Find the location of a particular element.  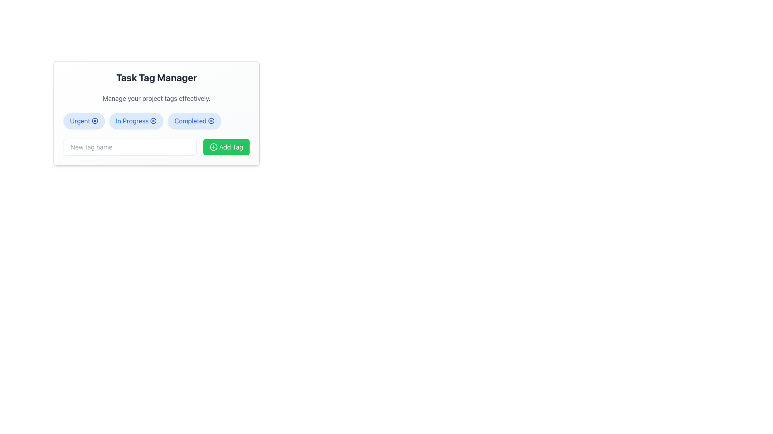

the circular icon with a plus sign inside, located within the green button labeled 'Add Tag' is located at coordinates (213, 147).